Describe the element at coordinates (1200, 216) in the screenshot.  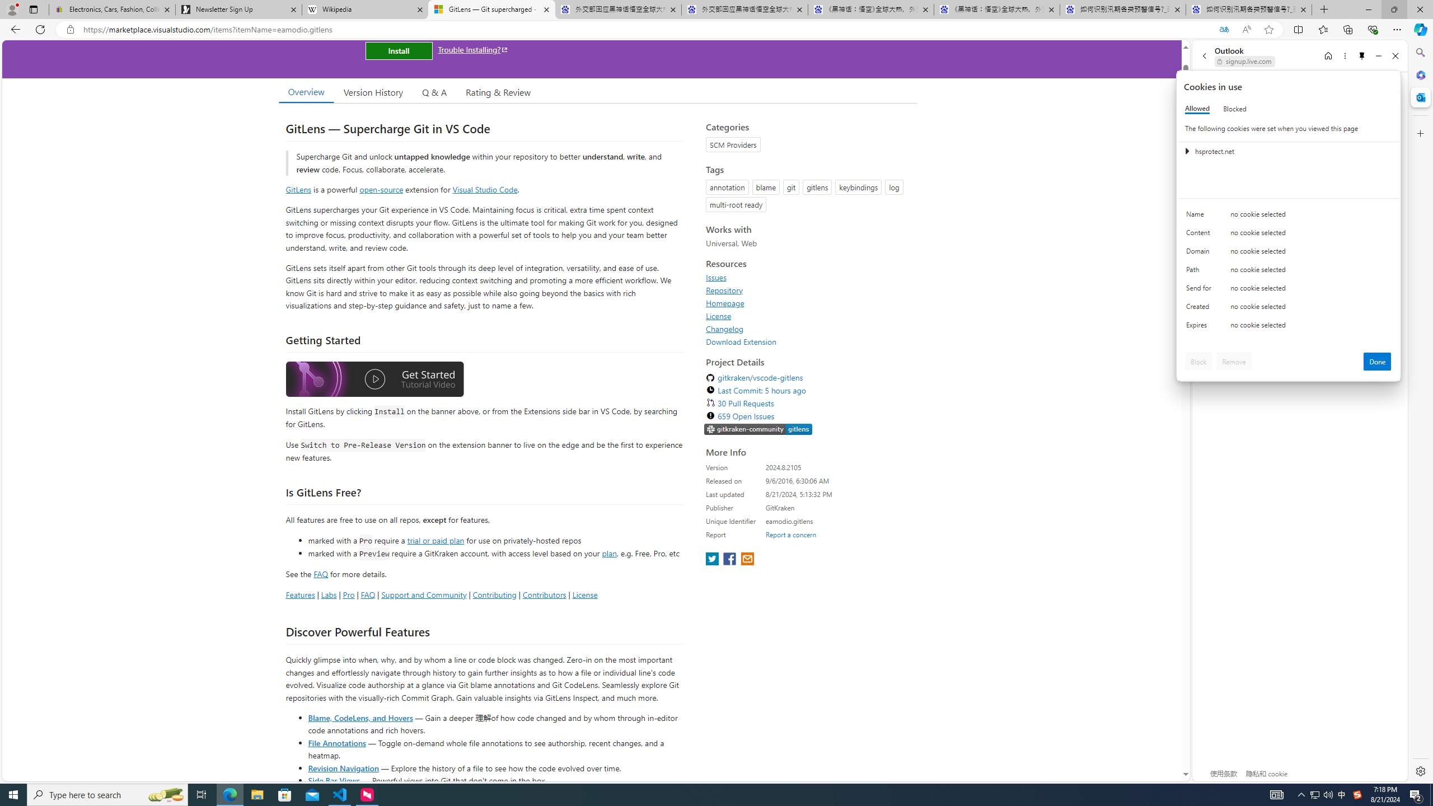
I see `'Name'` at that location.